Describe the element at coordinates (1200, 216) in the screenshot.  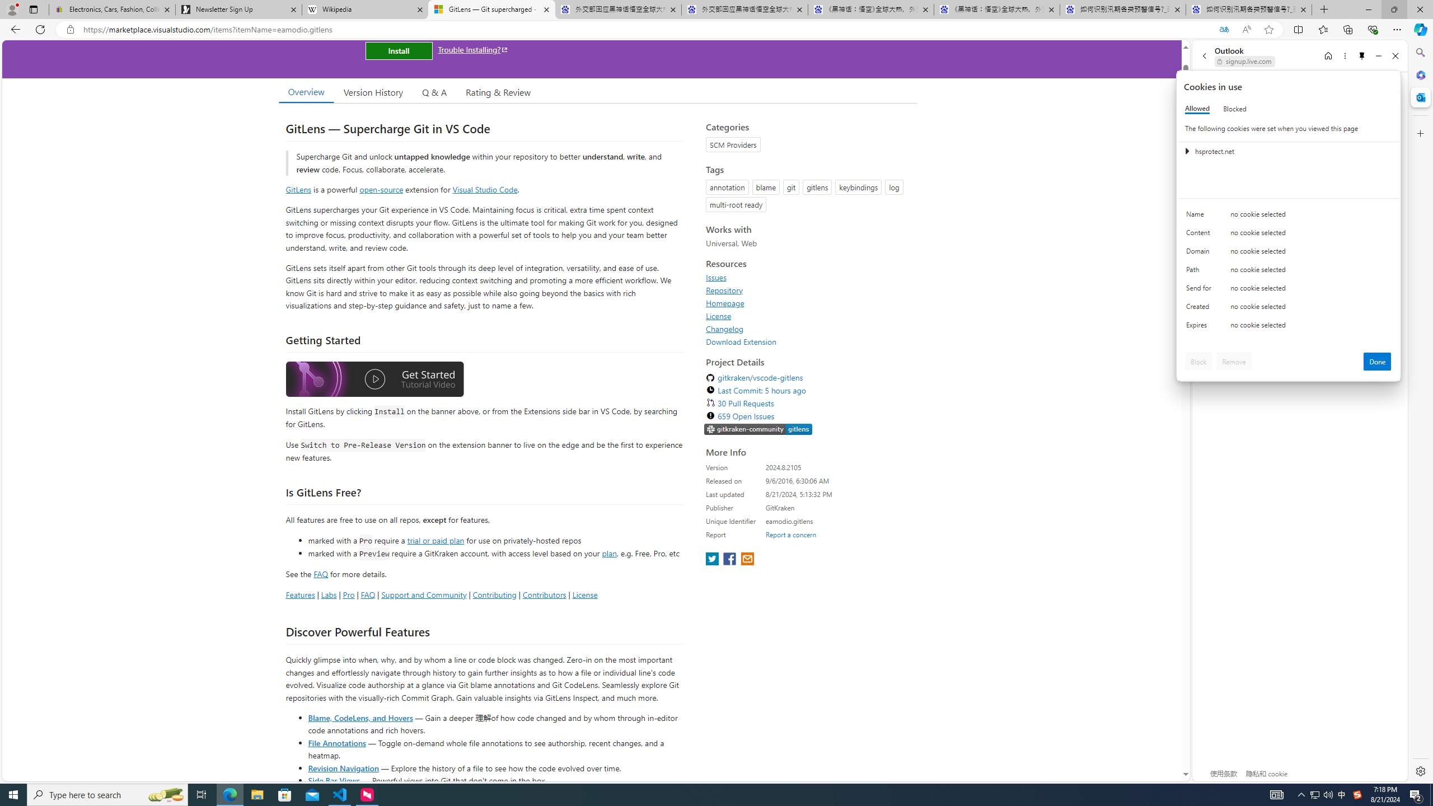
I see `'Name'` at that location.